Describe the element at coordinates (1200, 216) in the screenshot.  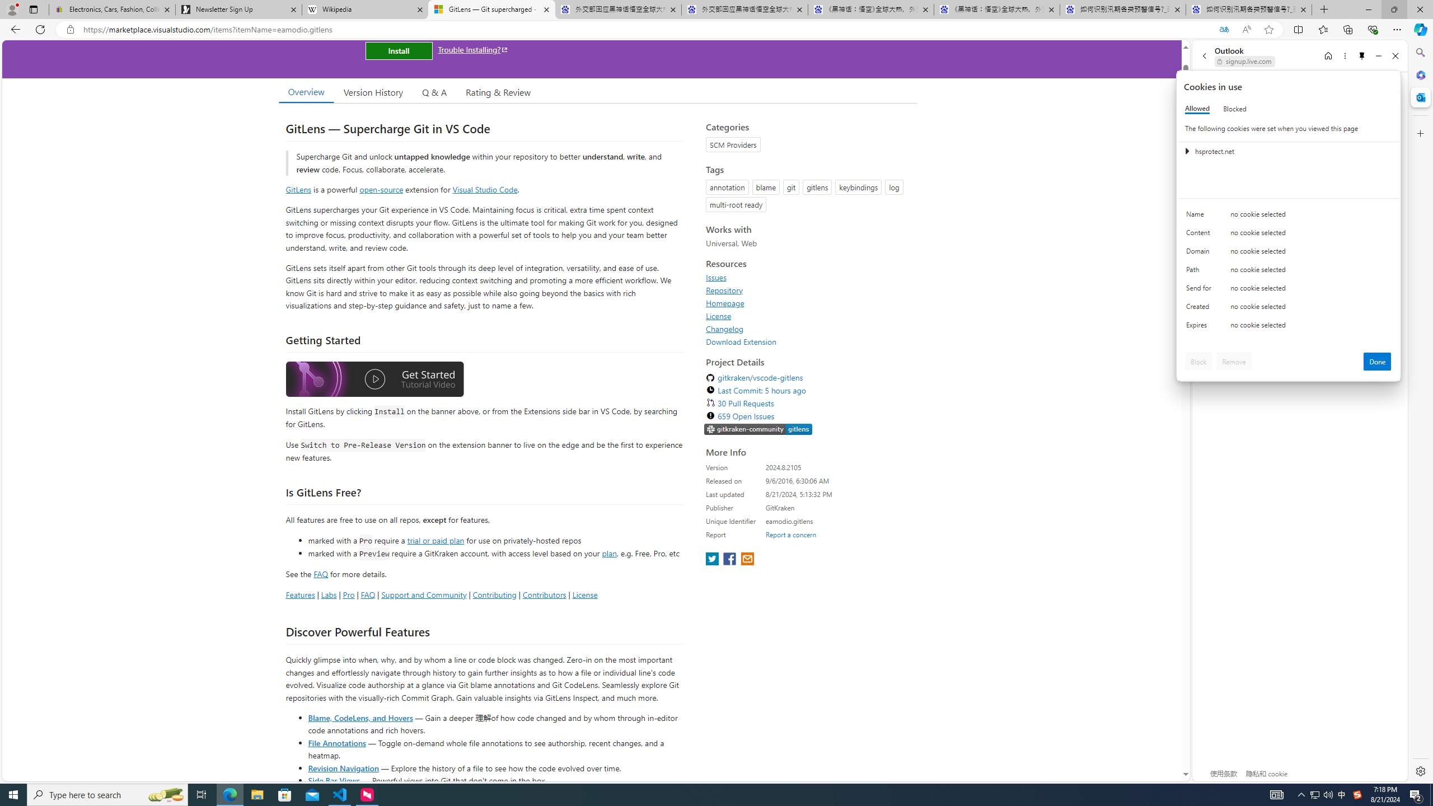
I see `'Name'` at that location.